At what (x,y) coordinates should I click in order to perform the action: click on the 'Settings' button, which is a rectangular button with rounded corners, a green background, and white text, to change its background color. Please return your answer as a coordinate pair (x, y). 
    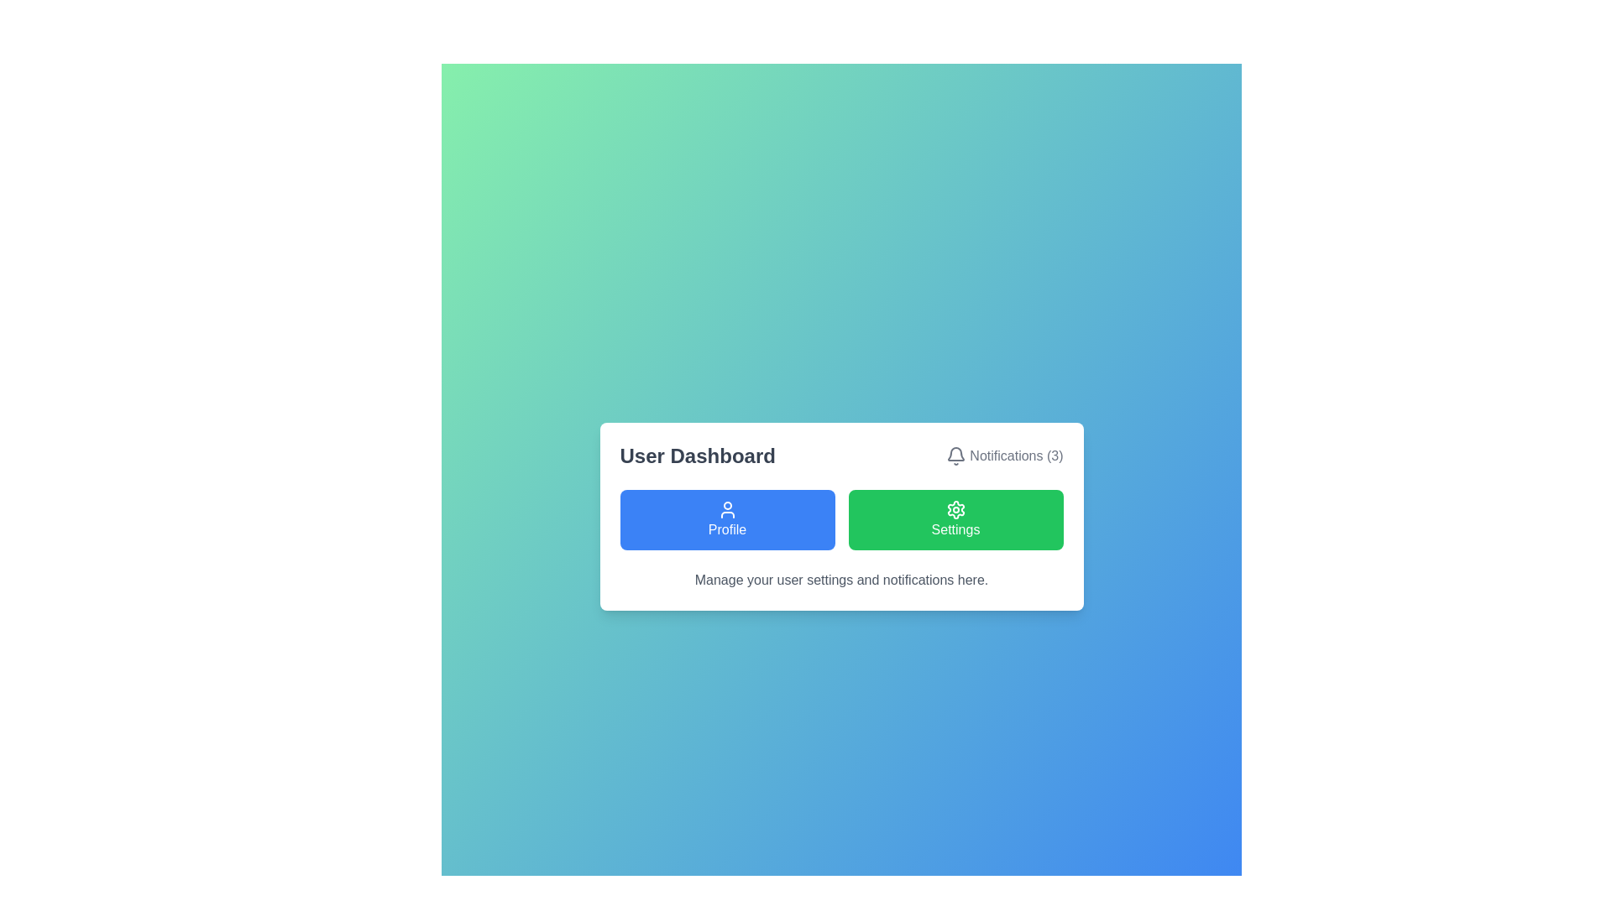
    Looking at the image, I should click on (955, 519).